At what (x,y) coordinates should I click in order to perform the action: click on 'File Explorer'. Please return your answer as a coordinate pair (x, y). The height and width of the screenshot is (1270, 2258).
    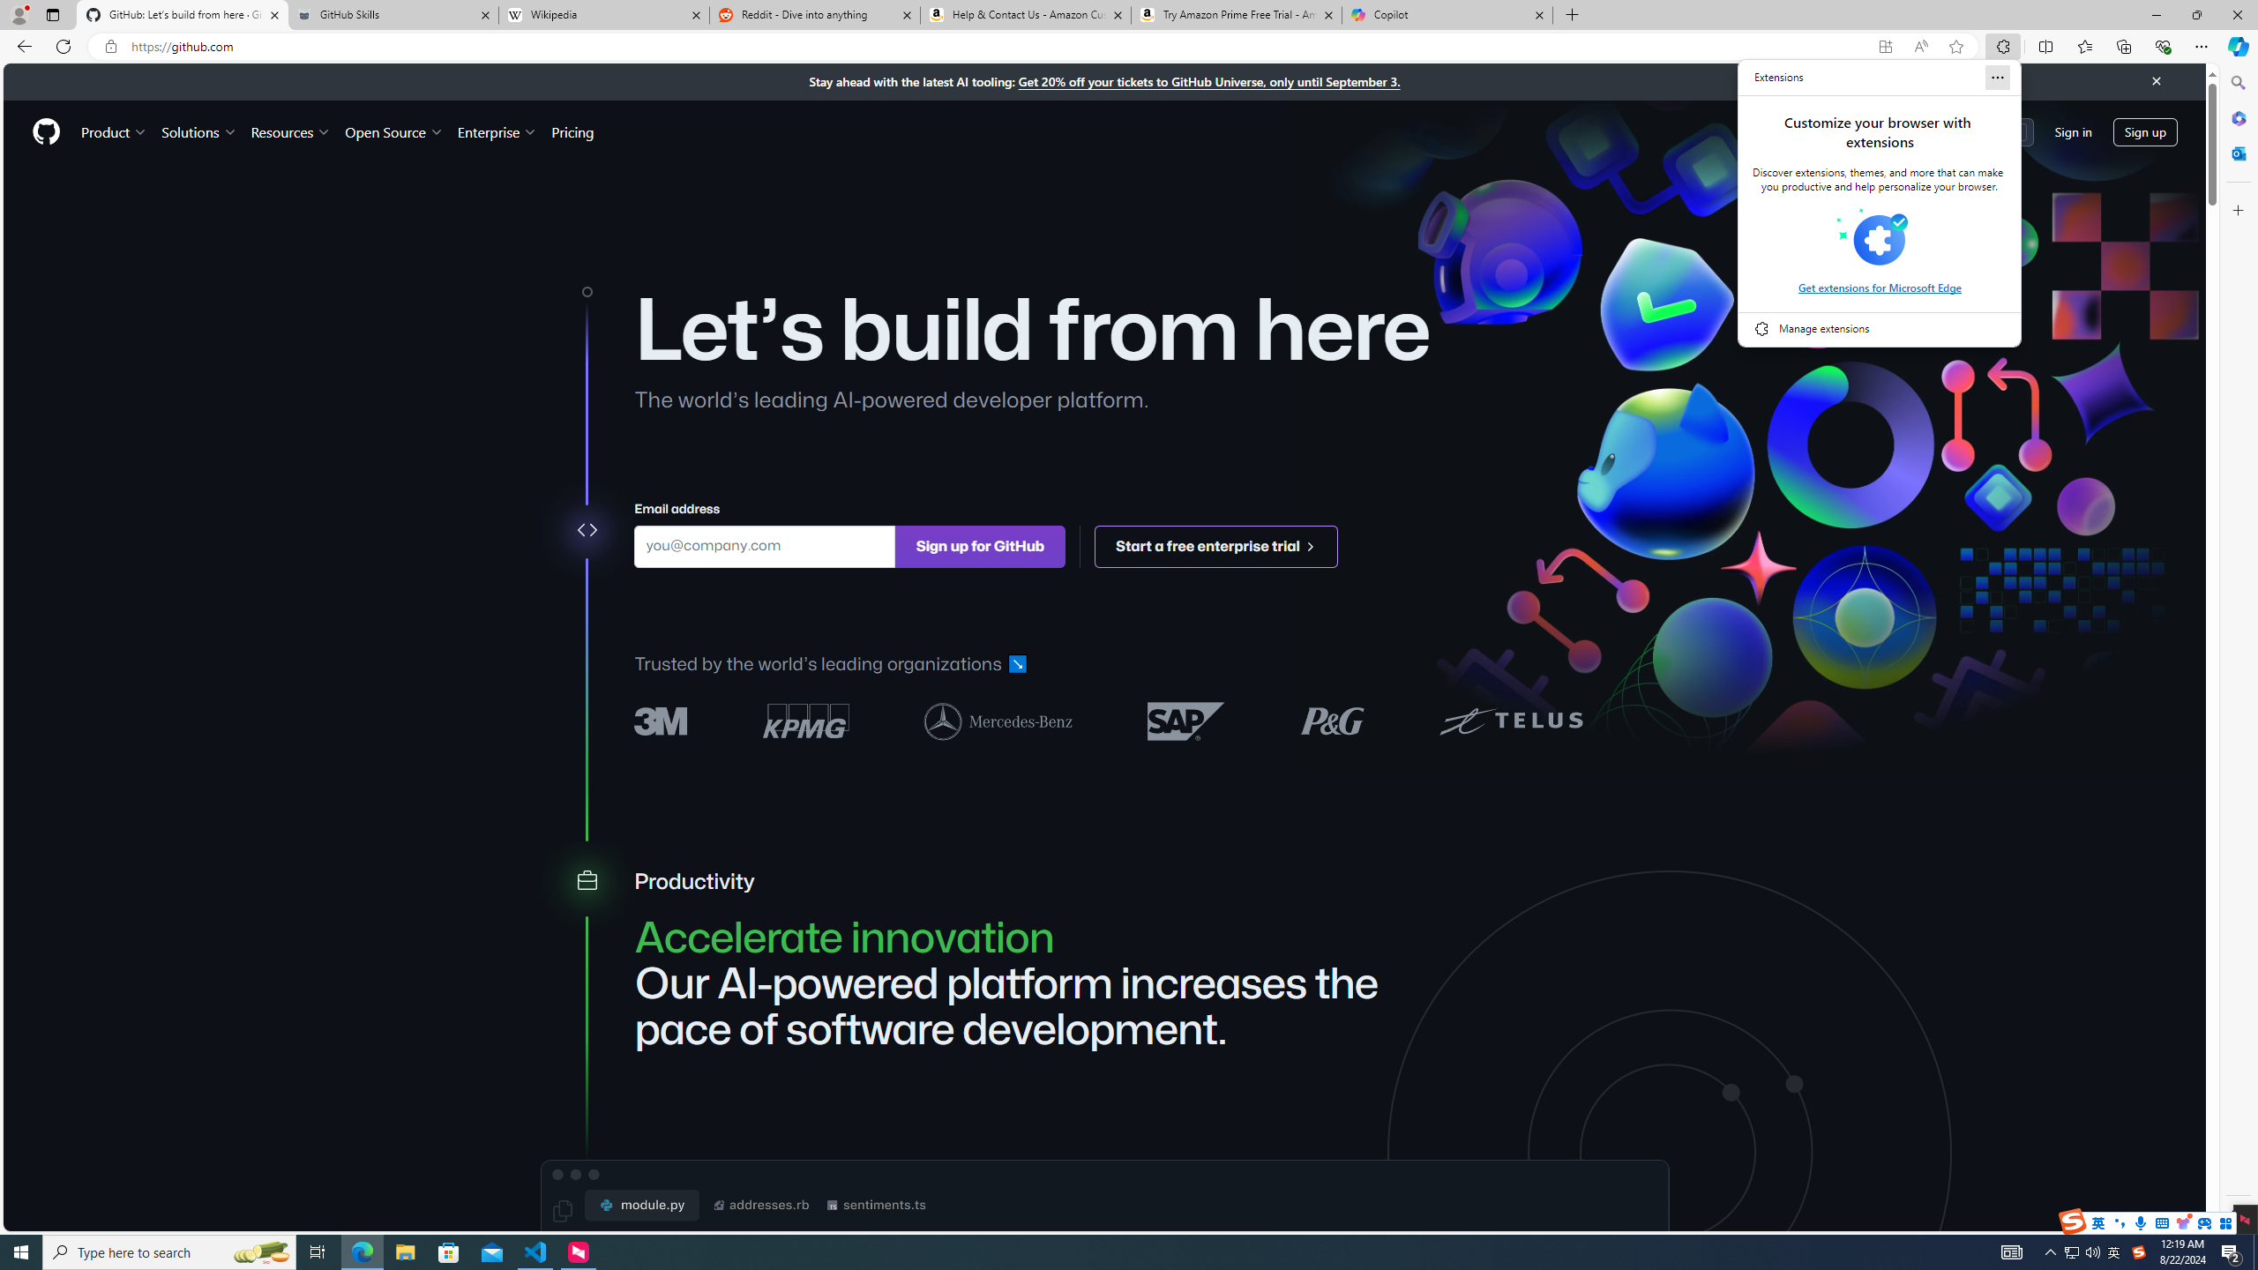
    Looking at the image, I should click on (404, 1251).